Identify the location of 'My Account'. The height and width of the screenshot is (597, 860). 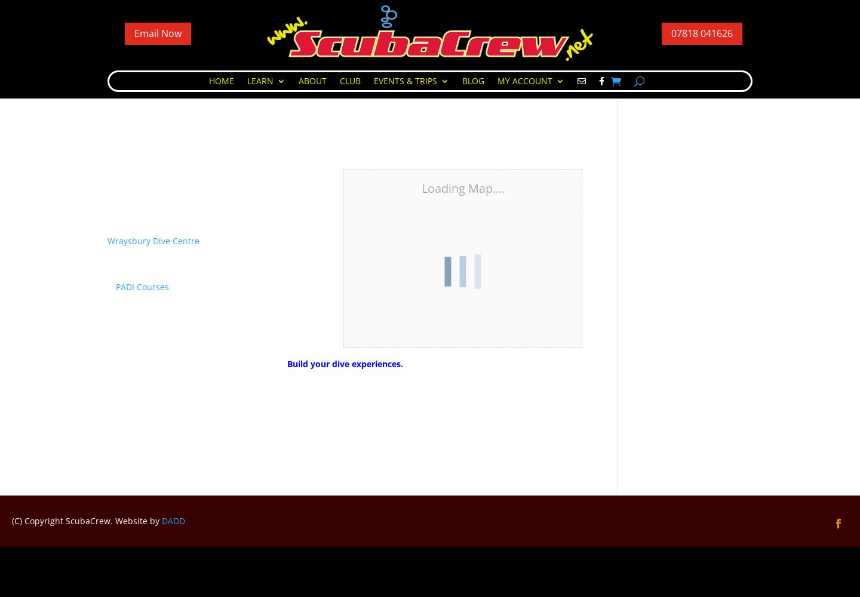
(524, 81).